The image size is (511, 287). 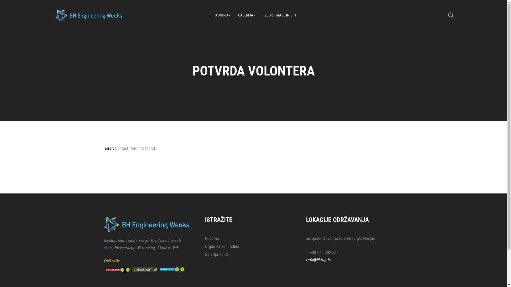 What do you see at coordinates (253, 247) in the screenshot?
I see `'Organizacioni odbor'` at bounding box center [253, 247].